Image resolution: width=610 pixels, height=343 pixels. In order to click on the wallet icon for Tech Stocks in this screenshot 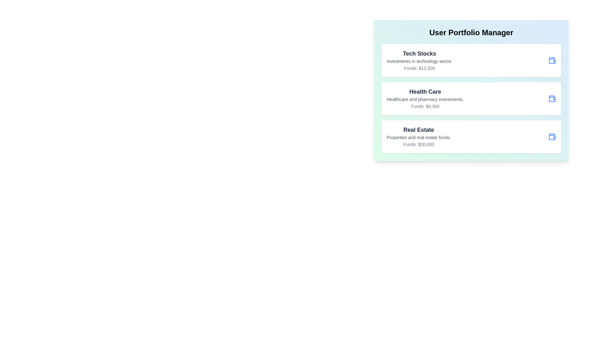, I will do `click(552, 61)`.